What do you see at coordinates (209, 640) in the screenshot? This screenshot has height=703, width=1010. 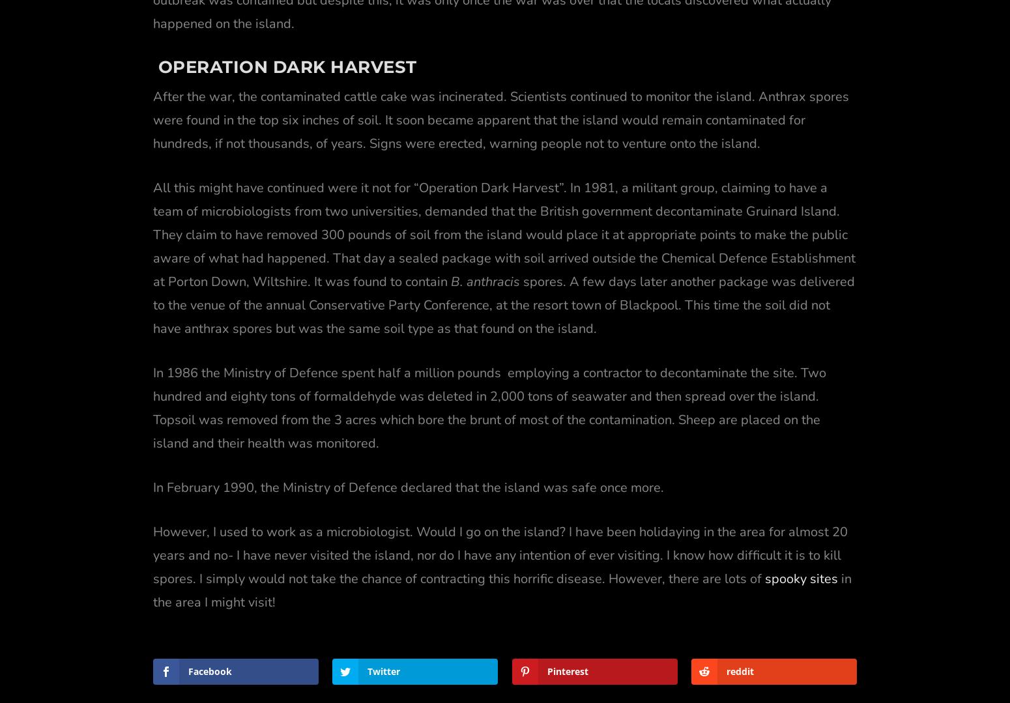 I see `'Facebook'` at bounding box center [209, 640].